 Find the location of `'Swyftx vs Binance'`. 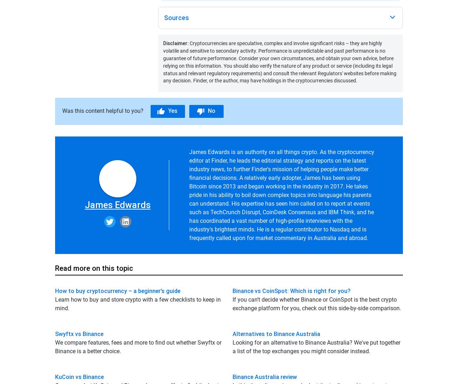

'Swyftx vs Binance' is located at coordinates (79, 333).